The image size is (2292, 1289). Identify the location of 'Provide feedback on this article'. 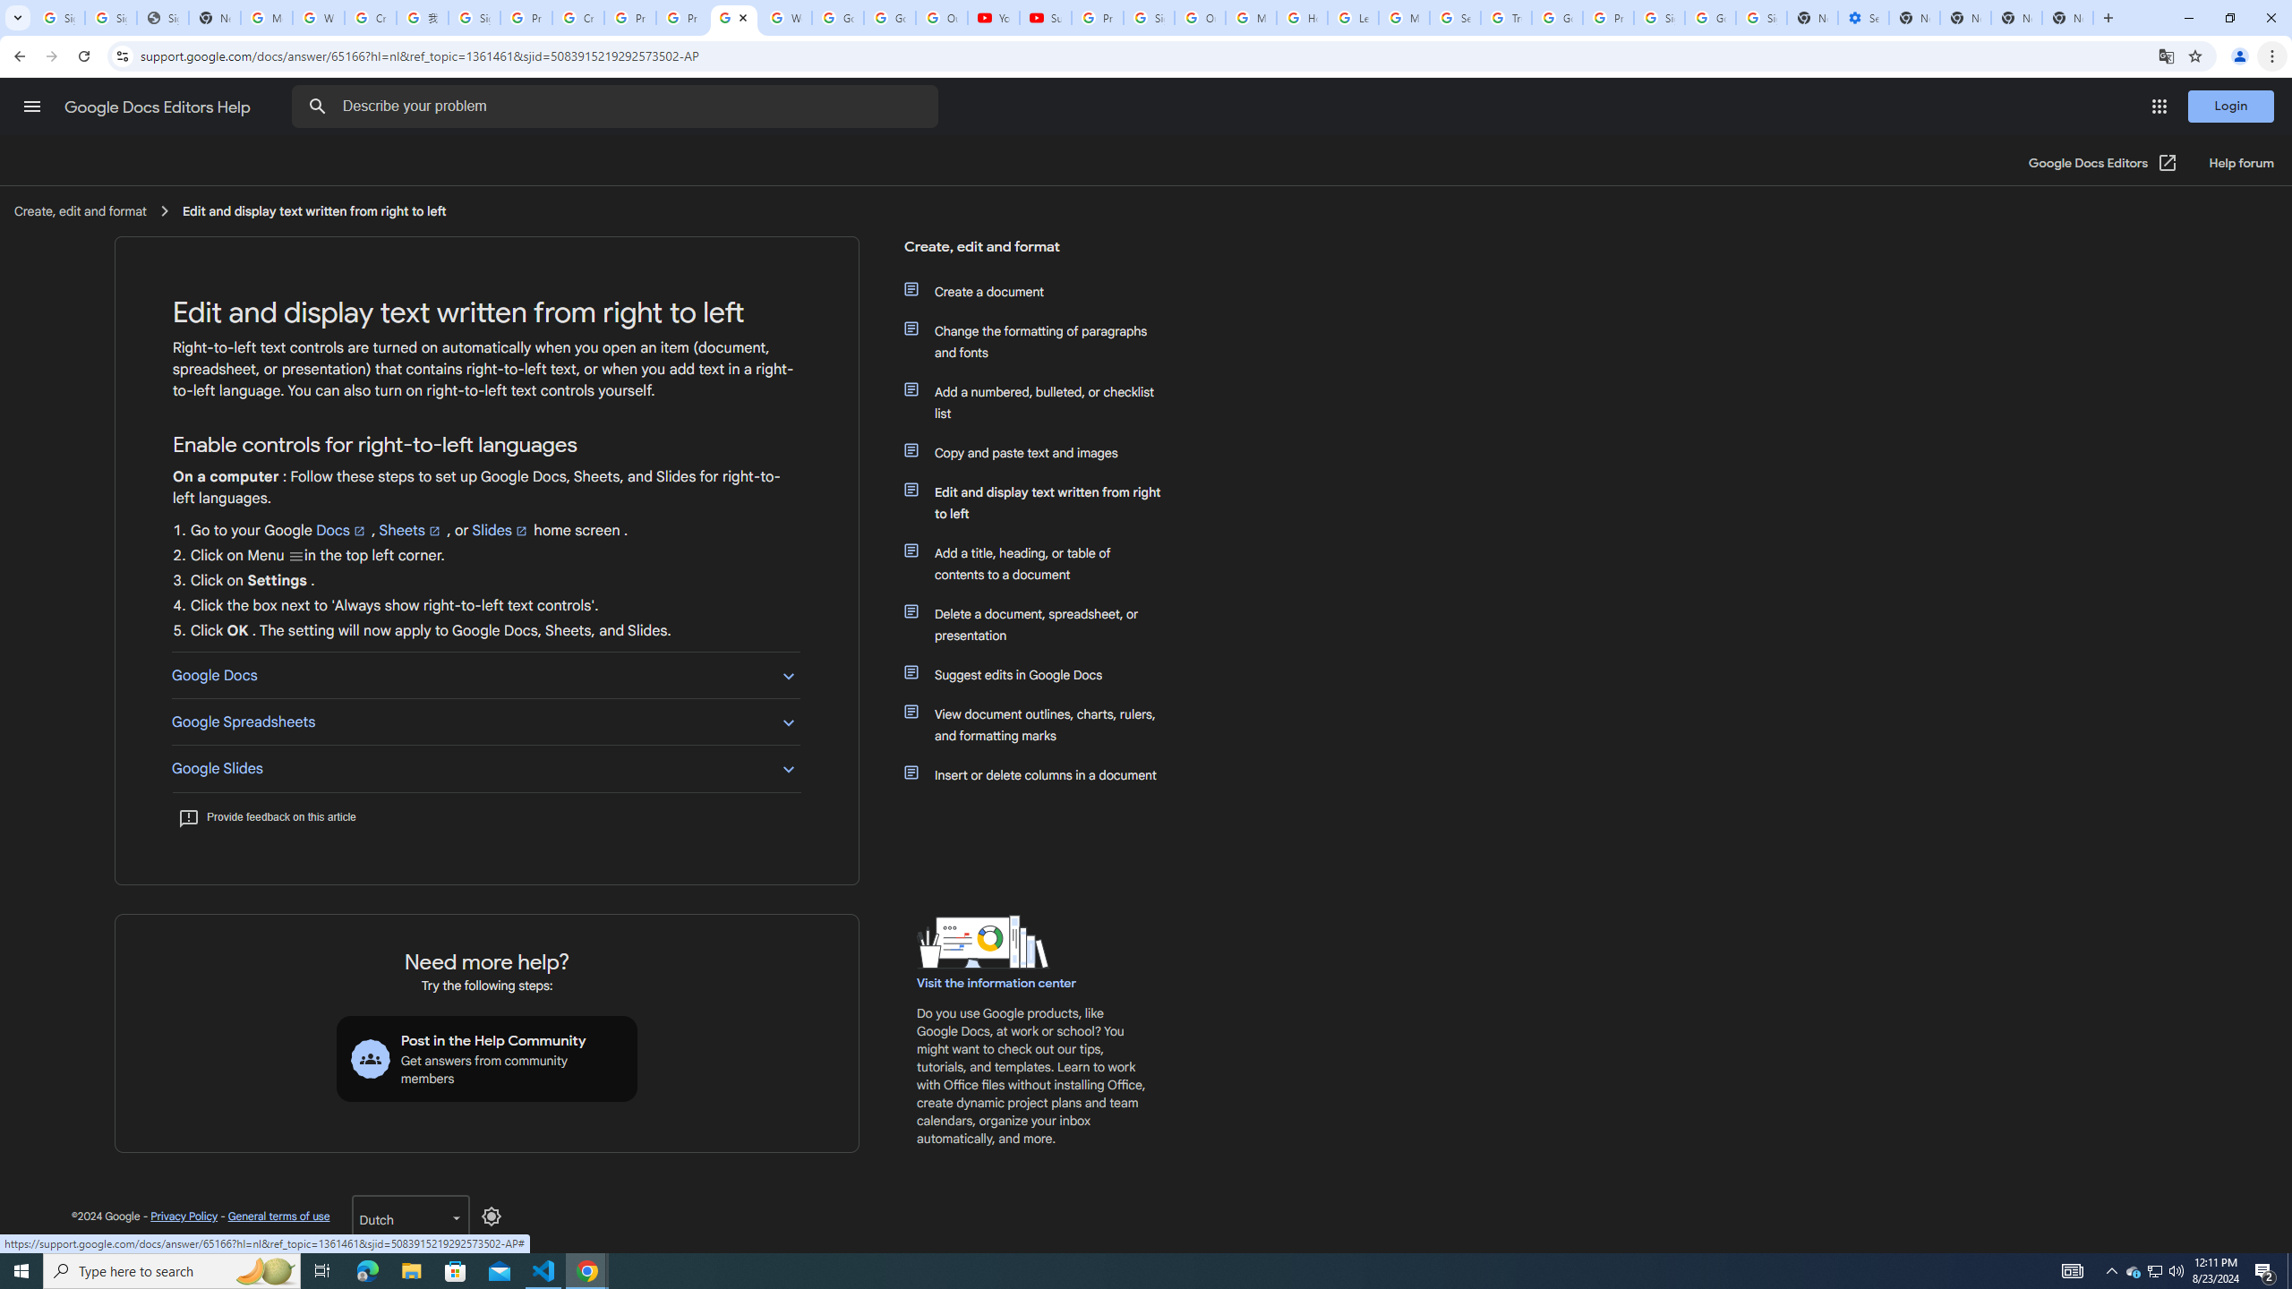
(266, 815).